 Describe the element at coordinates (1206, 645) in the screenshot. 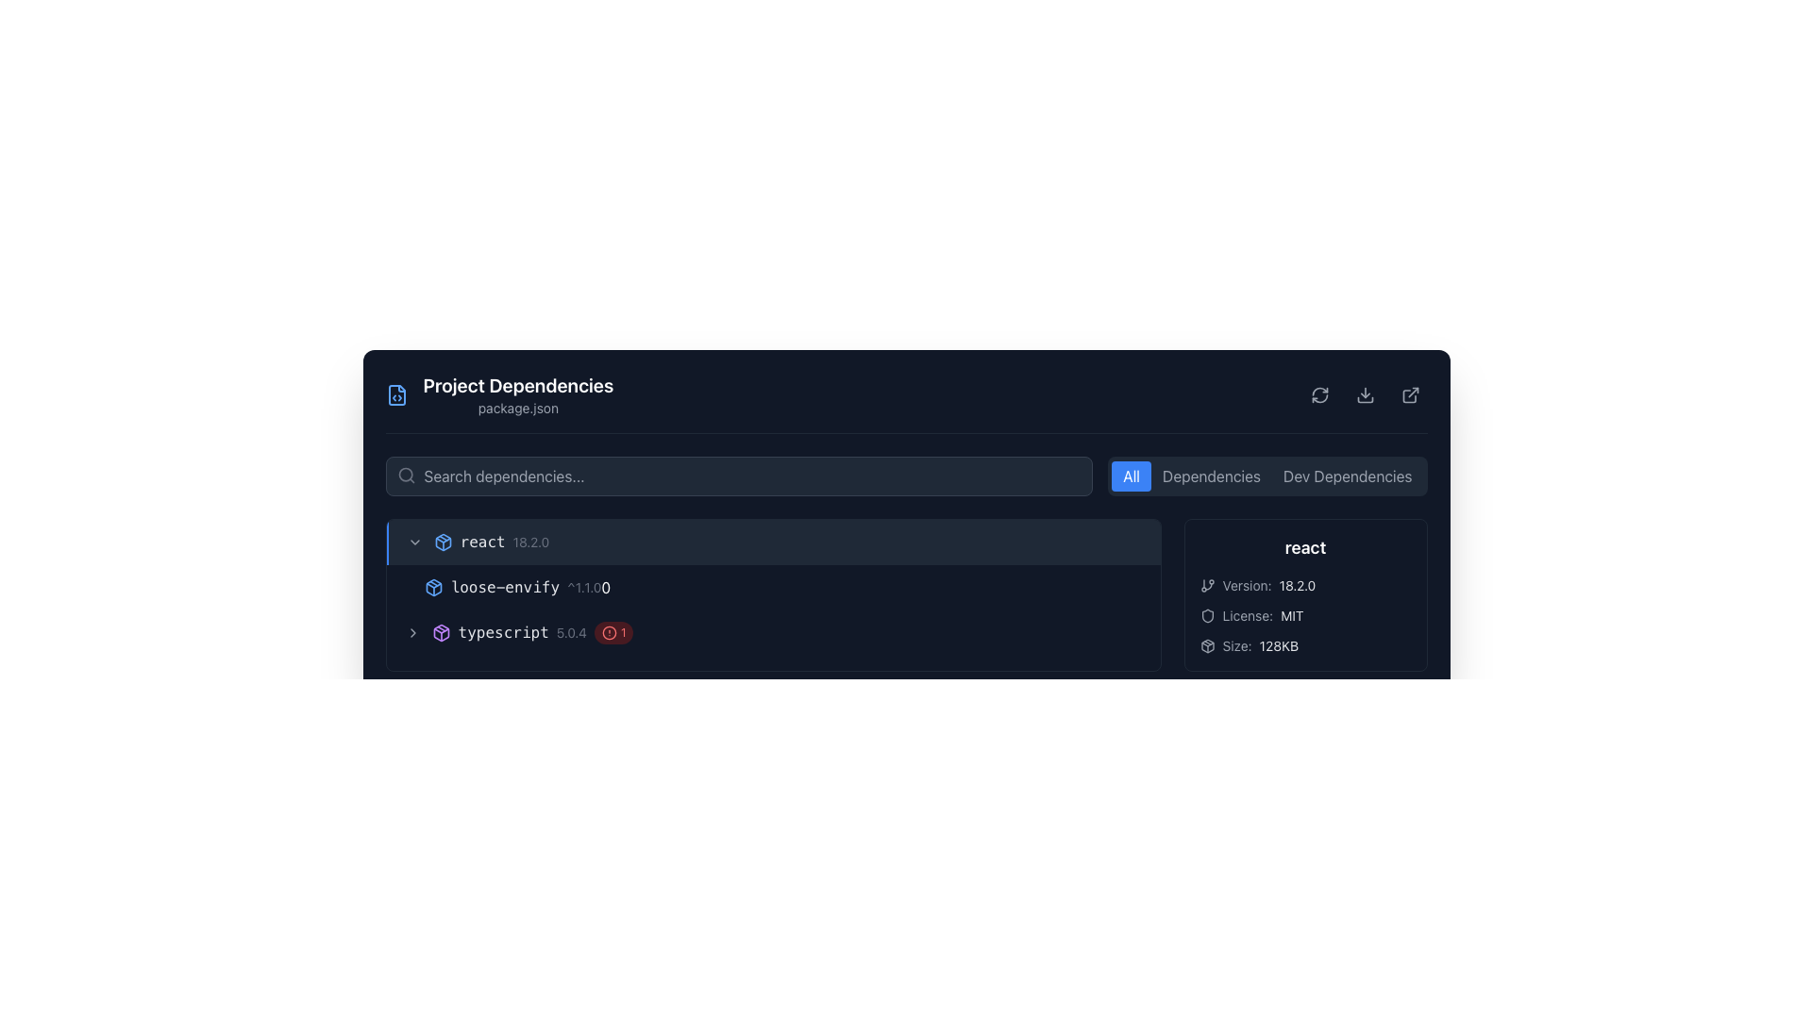

I see `the graphical vector element that is part of an icon and located to the left of the 'react' text item under the 'Project Dependencies' section` at that location.